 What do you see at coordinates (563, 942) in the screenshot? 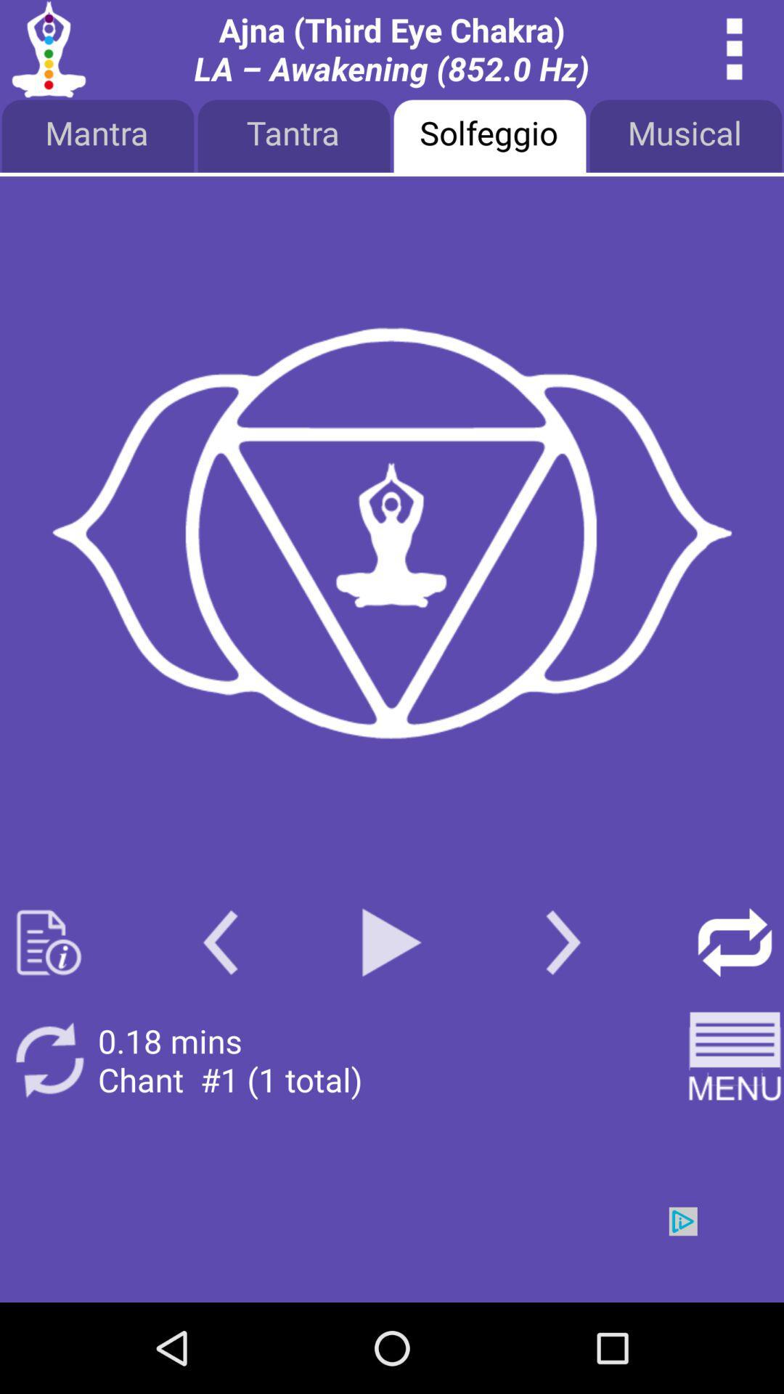
I see `next` at bounding box center [563, 942].